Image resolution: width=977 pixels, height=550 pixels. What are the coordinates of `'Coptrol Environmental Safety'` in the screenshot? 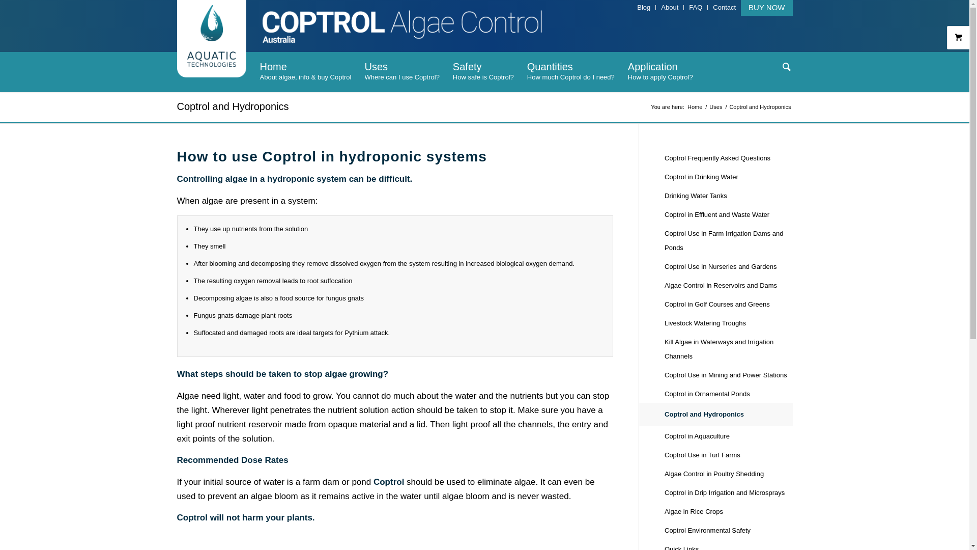 It's located at (728, 530).